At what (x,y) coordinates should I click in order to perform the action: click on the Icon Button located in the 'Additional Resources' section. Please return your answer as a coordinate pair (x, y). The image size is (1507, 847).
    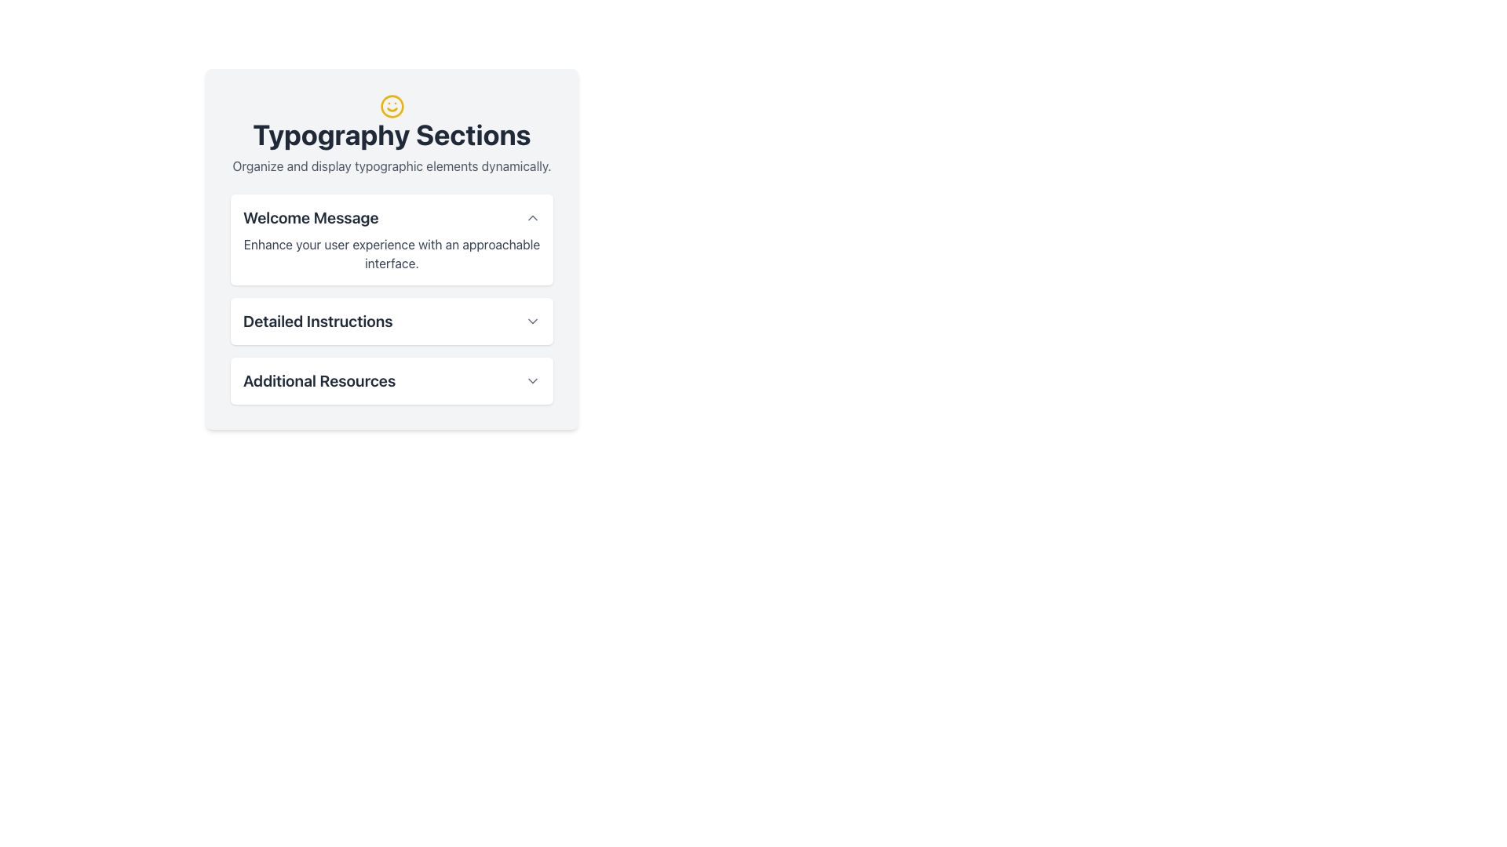
    Looking at the image, I should click on (532, 381).